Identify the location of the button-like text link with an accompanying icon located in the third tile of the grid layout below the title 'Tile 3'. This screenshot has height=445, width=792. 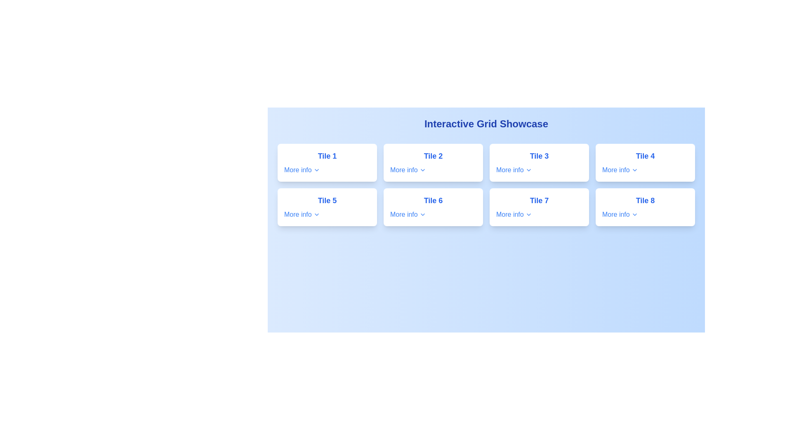
(514, 169).